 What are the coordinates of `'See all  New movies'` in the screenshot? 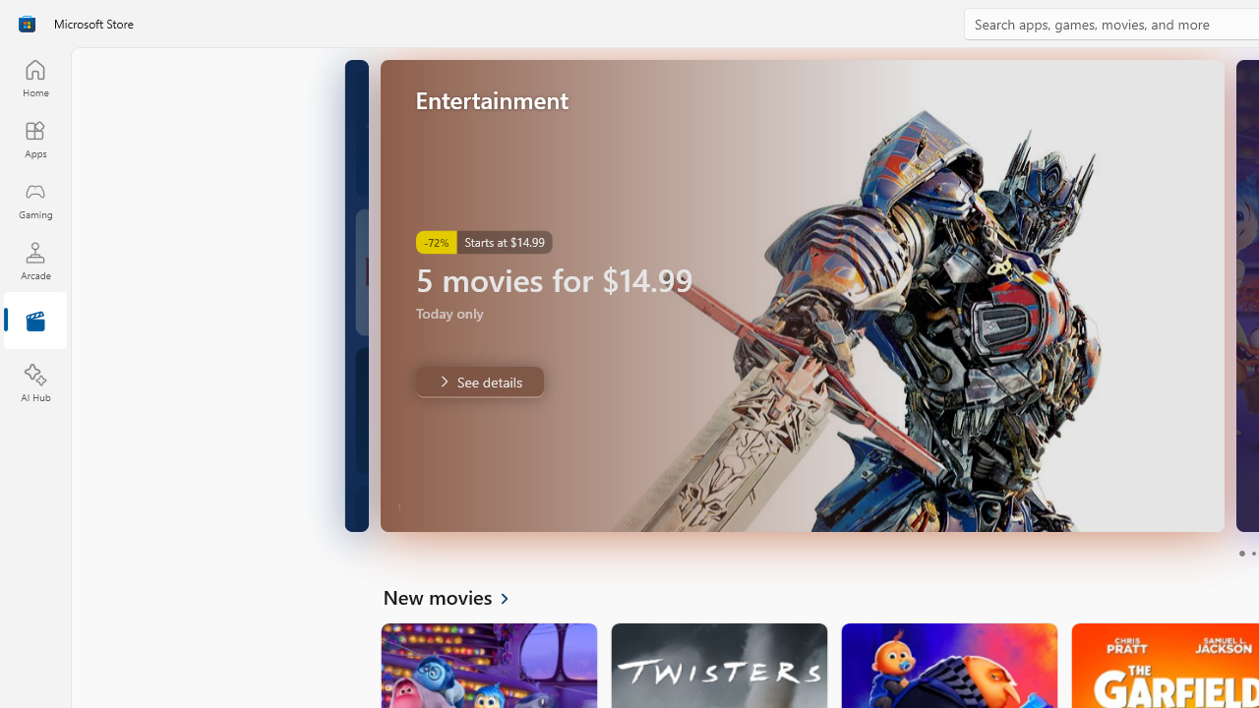 It's located at (456, 595).